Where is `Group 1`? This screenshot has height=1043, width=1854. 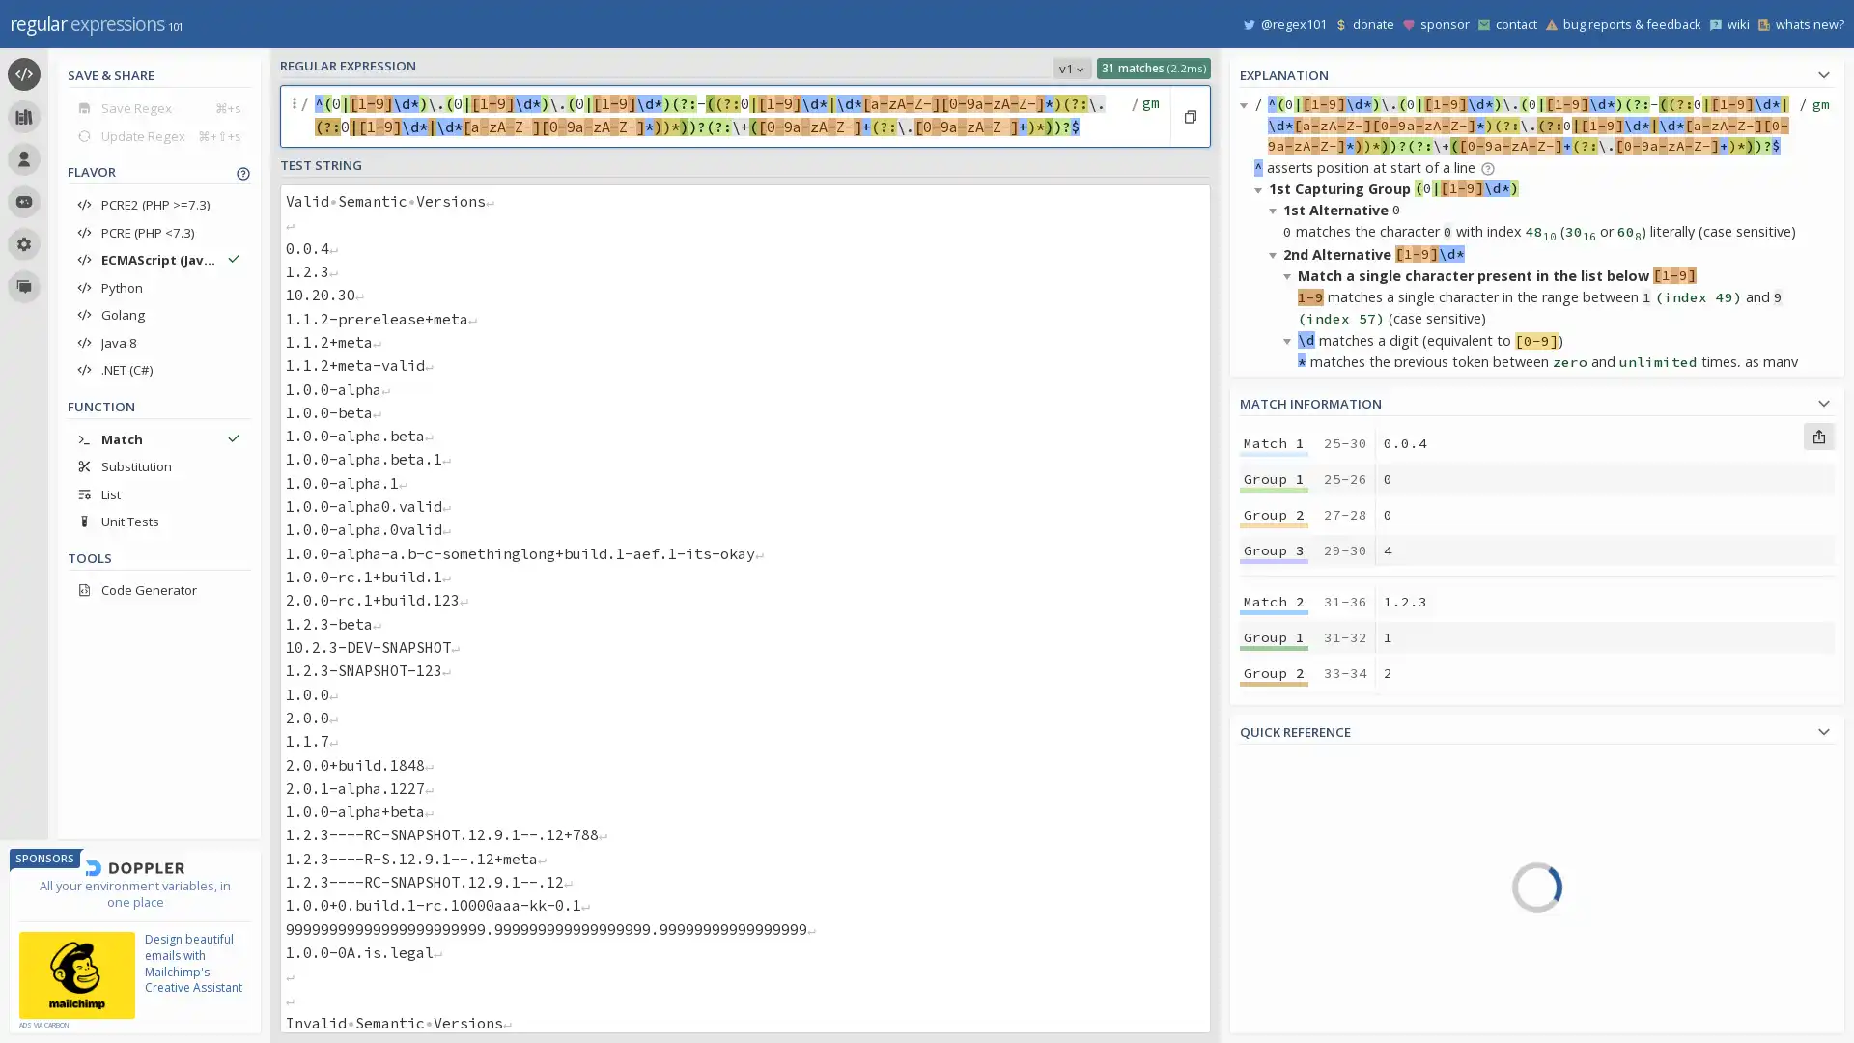
Group 1 is located at coordinates (1274, 478).